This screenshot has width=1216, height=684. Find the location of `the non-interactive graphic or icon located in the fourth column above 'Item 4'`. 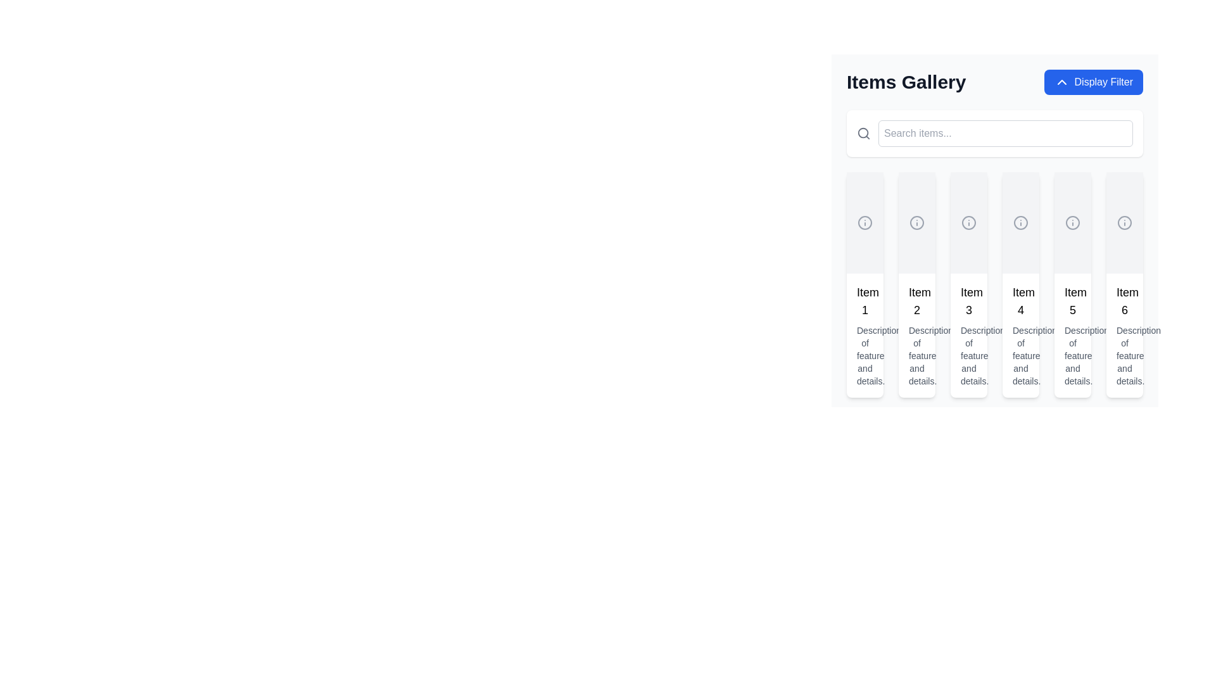

the non-interactive graphic or icon located in the fourth column above 'Item 4' is located at coordinates (1021, 222).